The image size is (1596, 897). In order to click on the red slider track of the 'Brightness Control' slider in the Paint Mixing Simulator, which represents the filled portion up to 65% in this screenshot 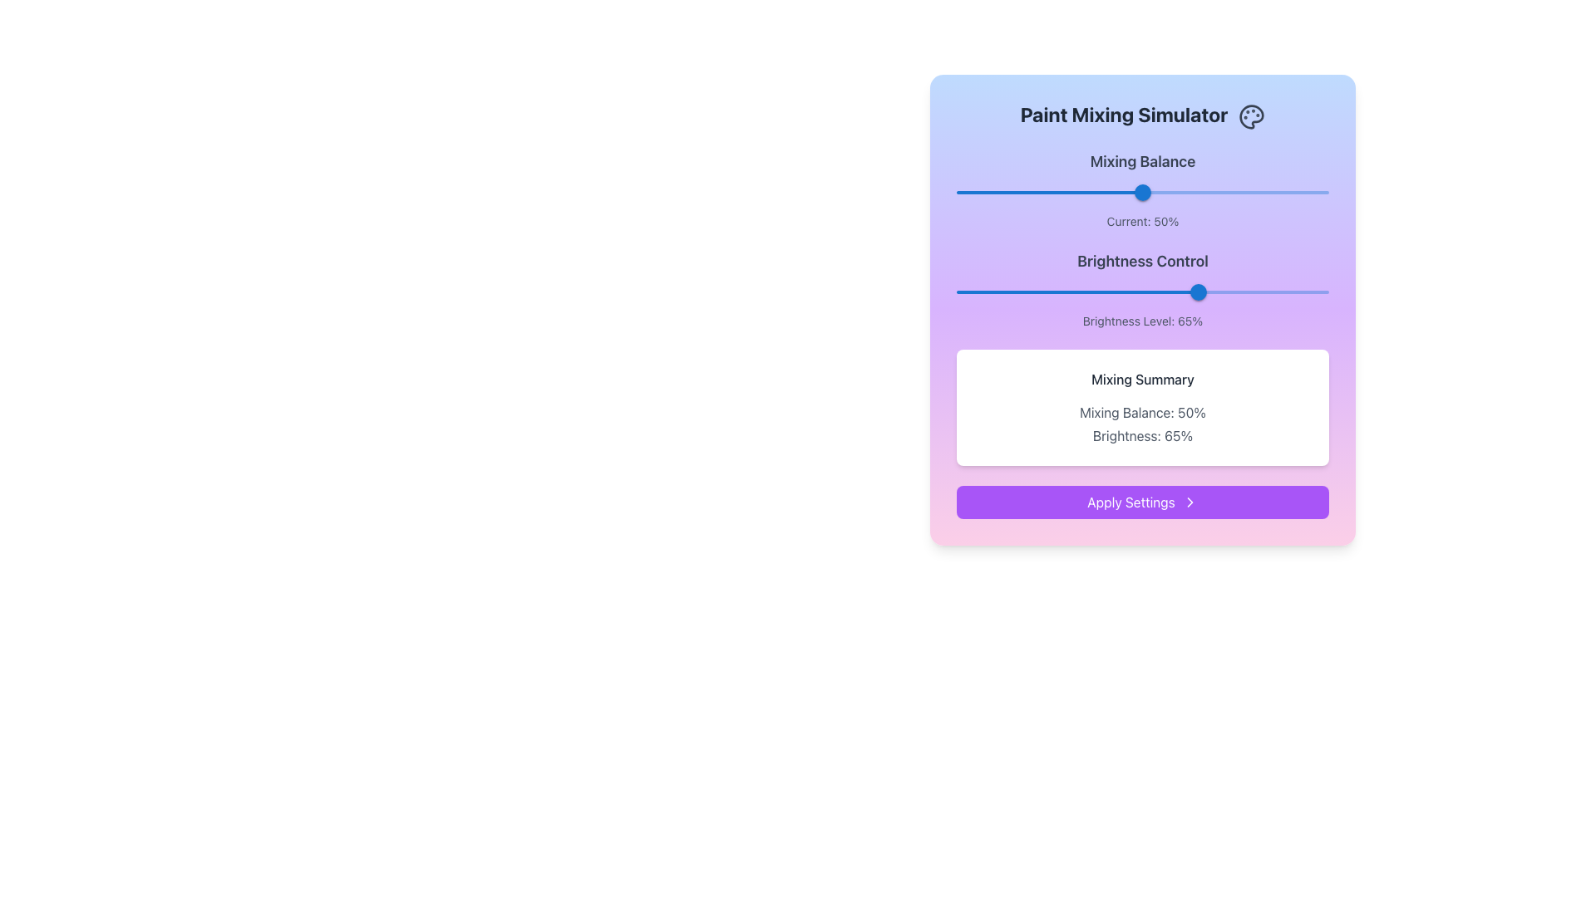, I will do `click(1077, 291)`.